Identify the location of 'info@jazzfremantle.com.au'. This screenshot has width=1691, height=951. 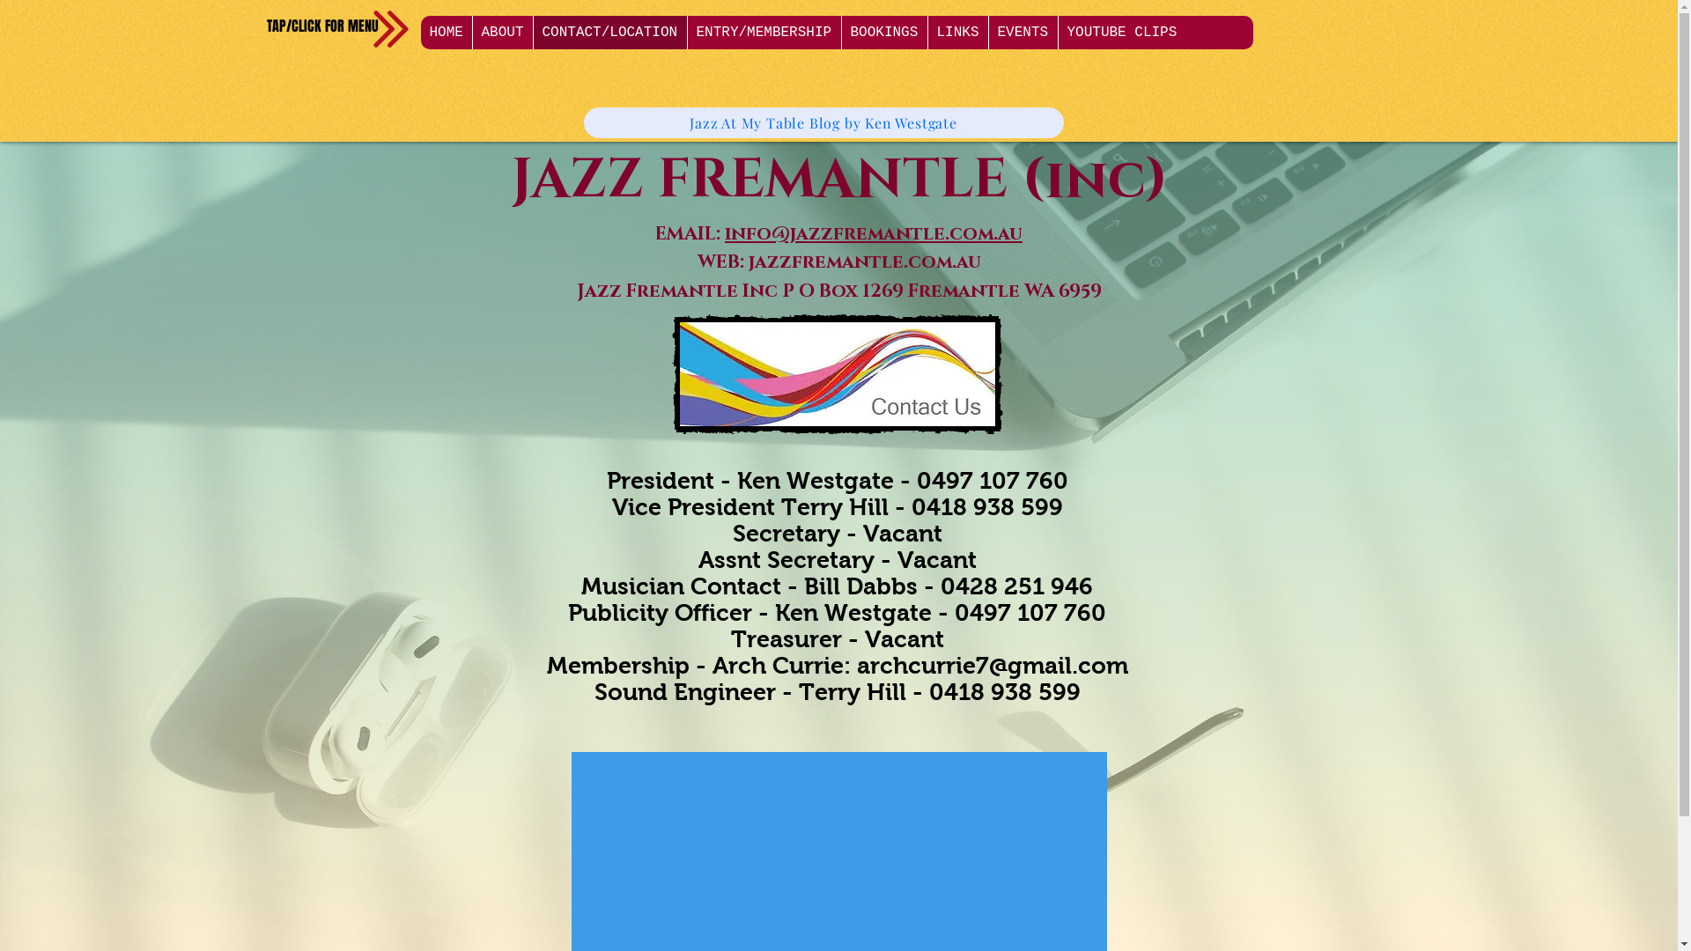
(874, 233).